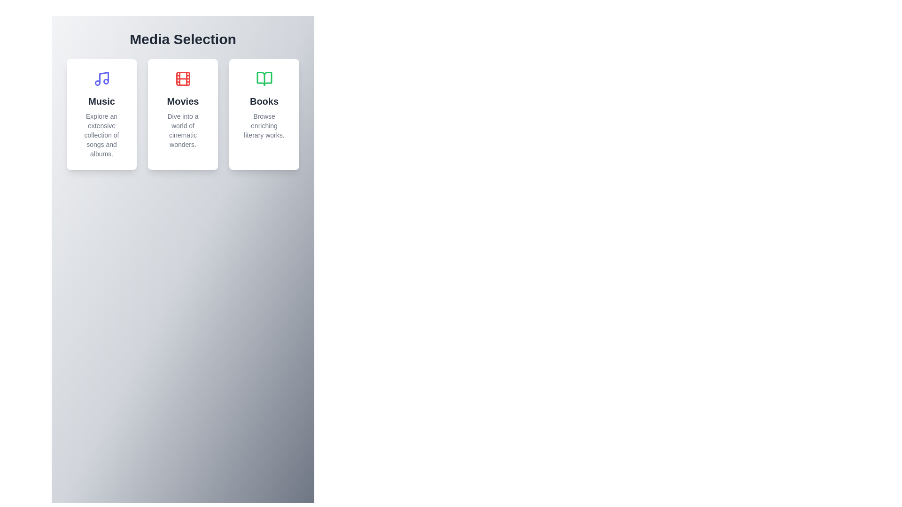  Describe the element at coordinates (183, 78) in the screenshot. I see `the first decorative rectangle in the 'Movies' card, which enhances the visual representation of the 'Movies' category` at that location.